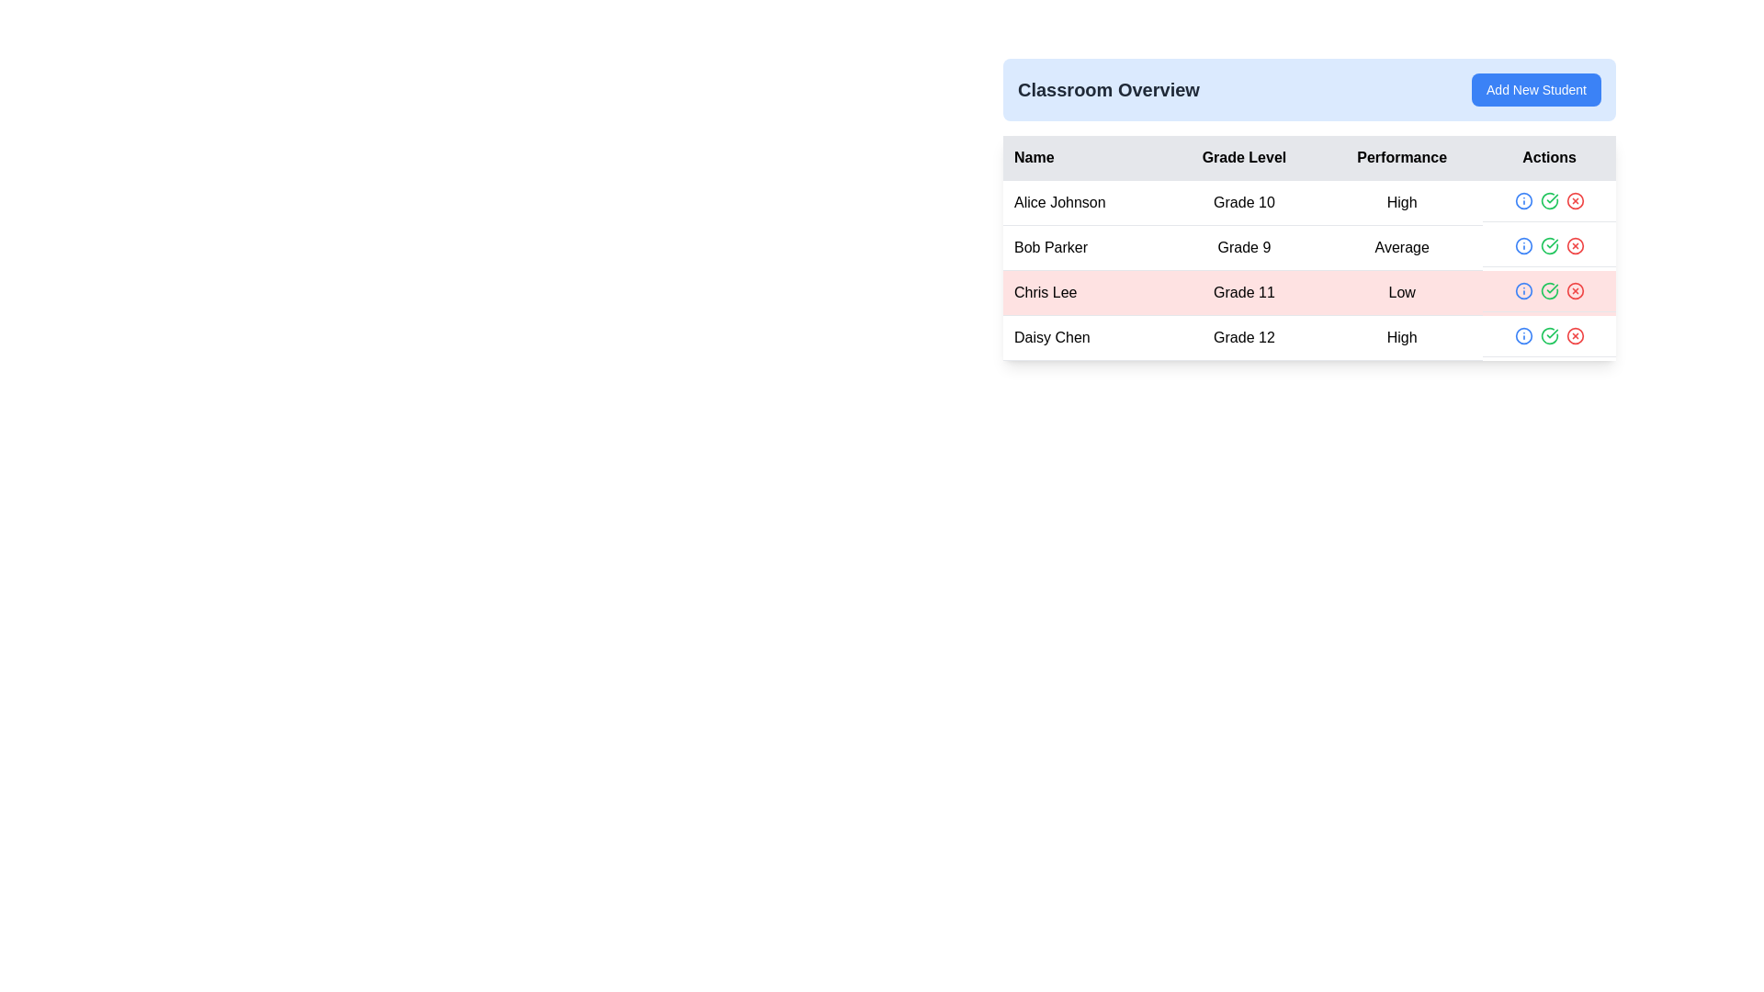 This screenshot has width=1764, height=992. What do you see at coordinates (1244, 248) in the screenshot?
I see `the Text label displaying 'Grade 9' for the individual 'Bob Parker' in the second row and second column of the table under the 'Grade Level' header` at bounding box center [1244, 248].